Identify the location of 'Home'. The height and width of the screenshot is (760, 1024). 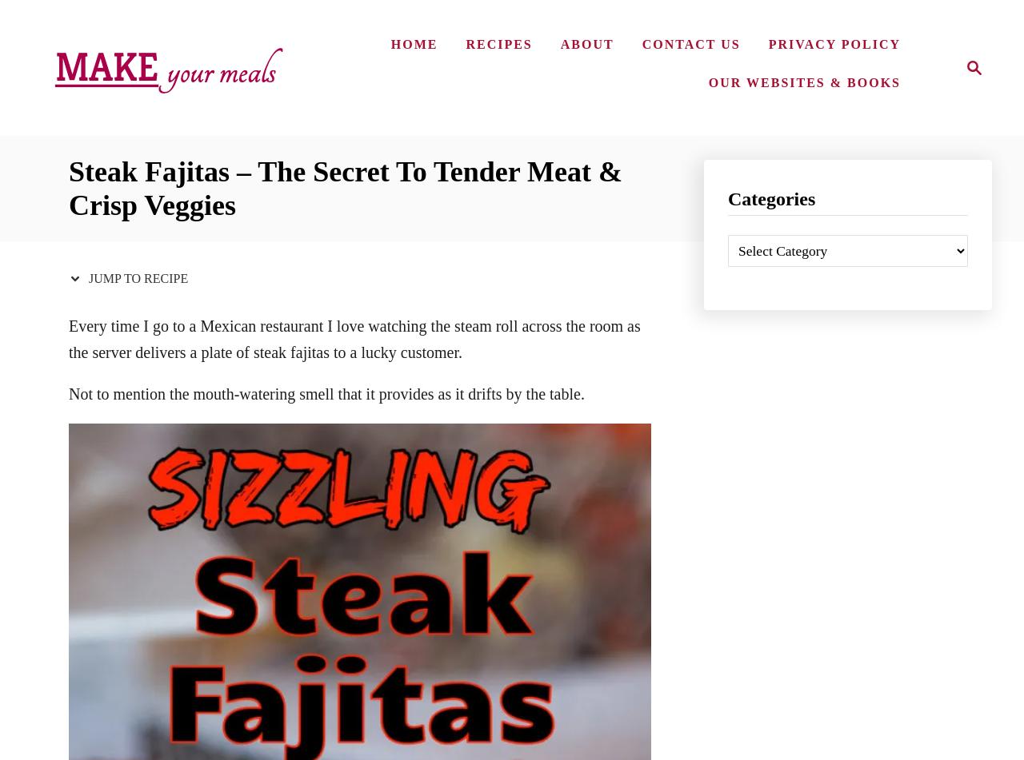
(414, 43).